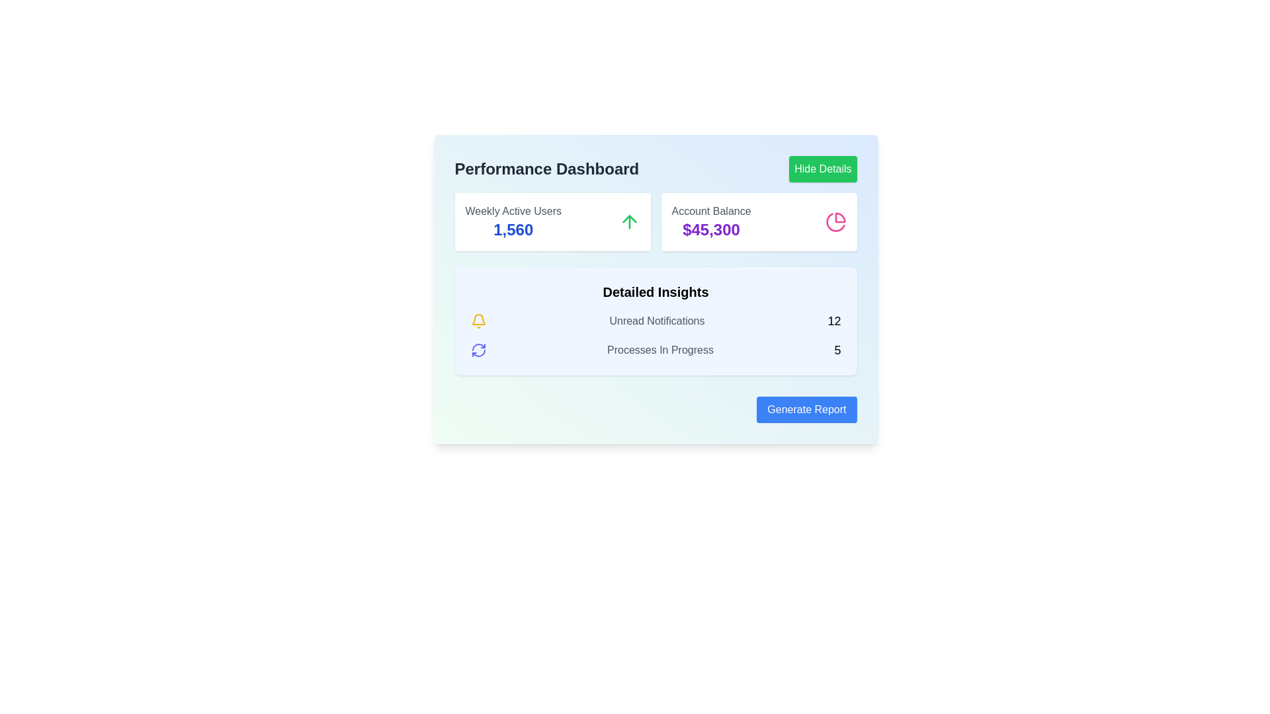 Image resolution: width=1270 pixels, height=714 pixels. Describe the element at coordinates (835, 221) in the screenshot. I see `the pink pie-chart icon located to the far right of the 'Account Balance' section to interact with chart-related functionalities` at that location.